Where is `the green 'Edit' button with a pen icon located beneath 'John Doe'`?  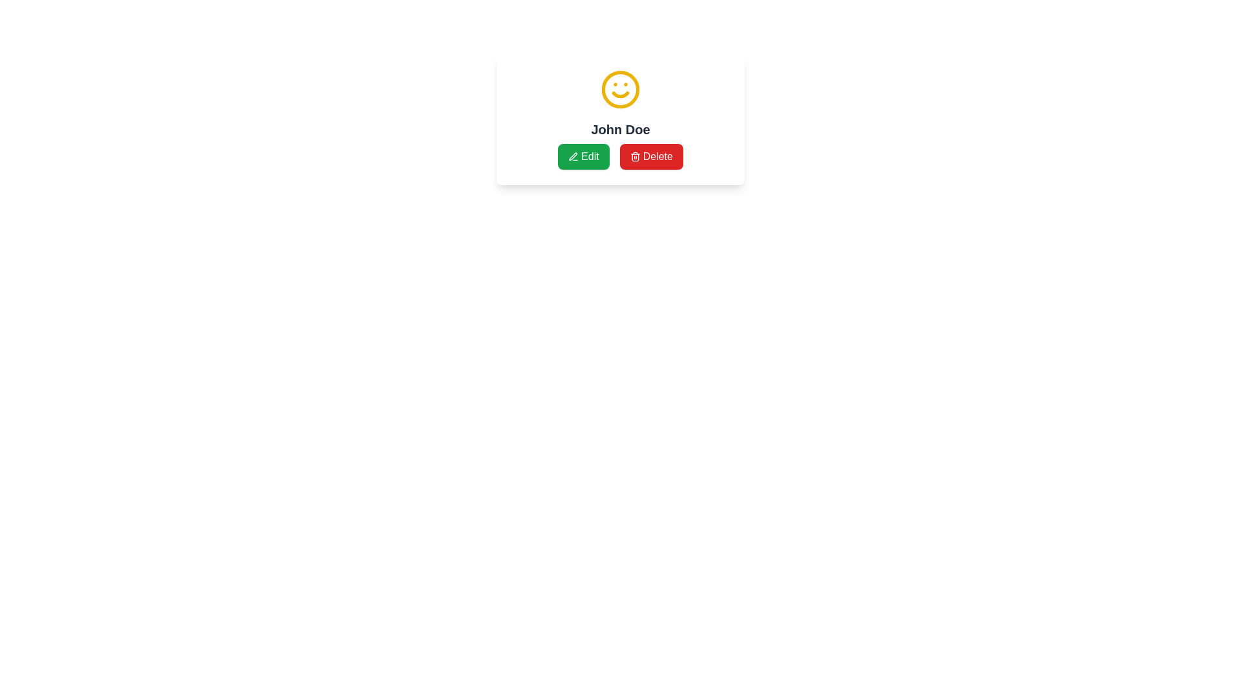 the green 'Edit' button with a pen icon located beneath 'John Doe' is located at coordinates (583, 156).